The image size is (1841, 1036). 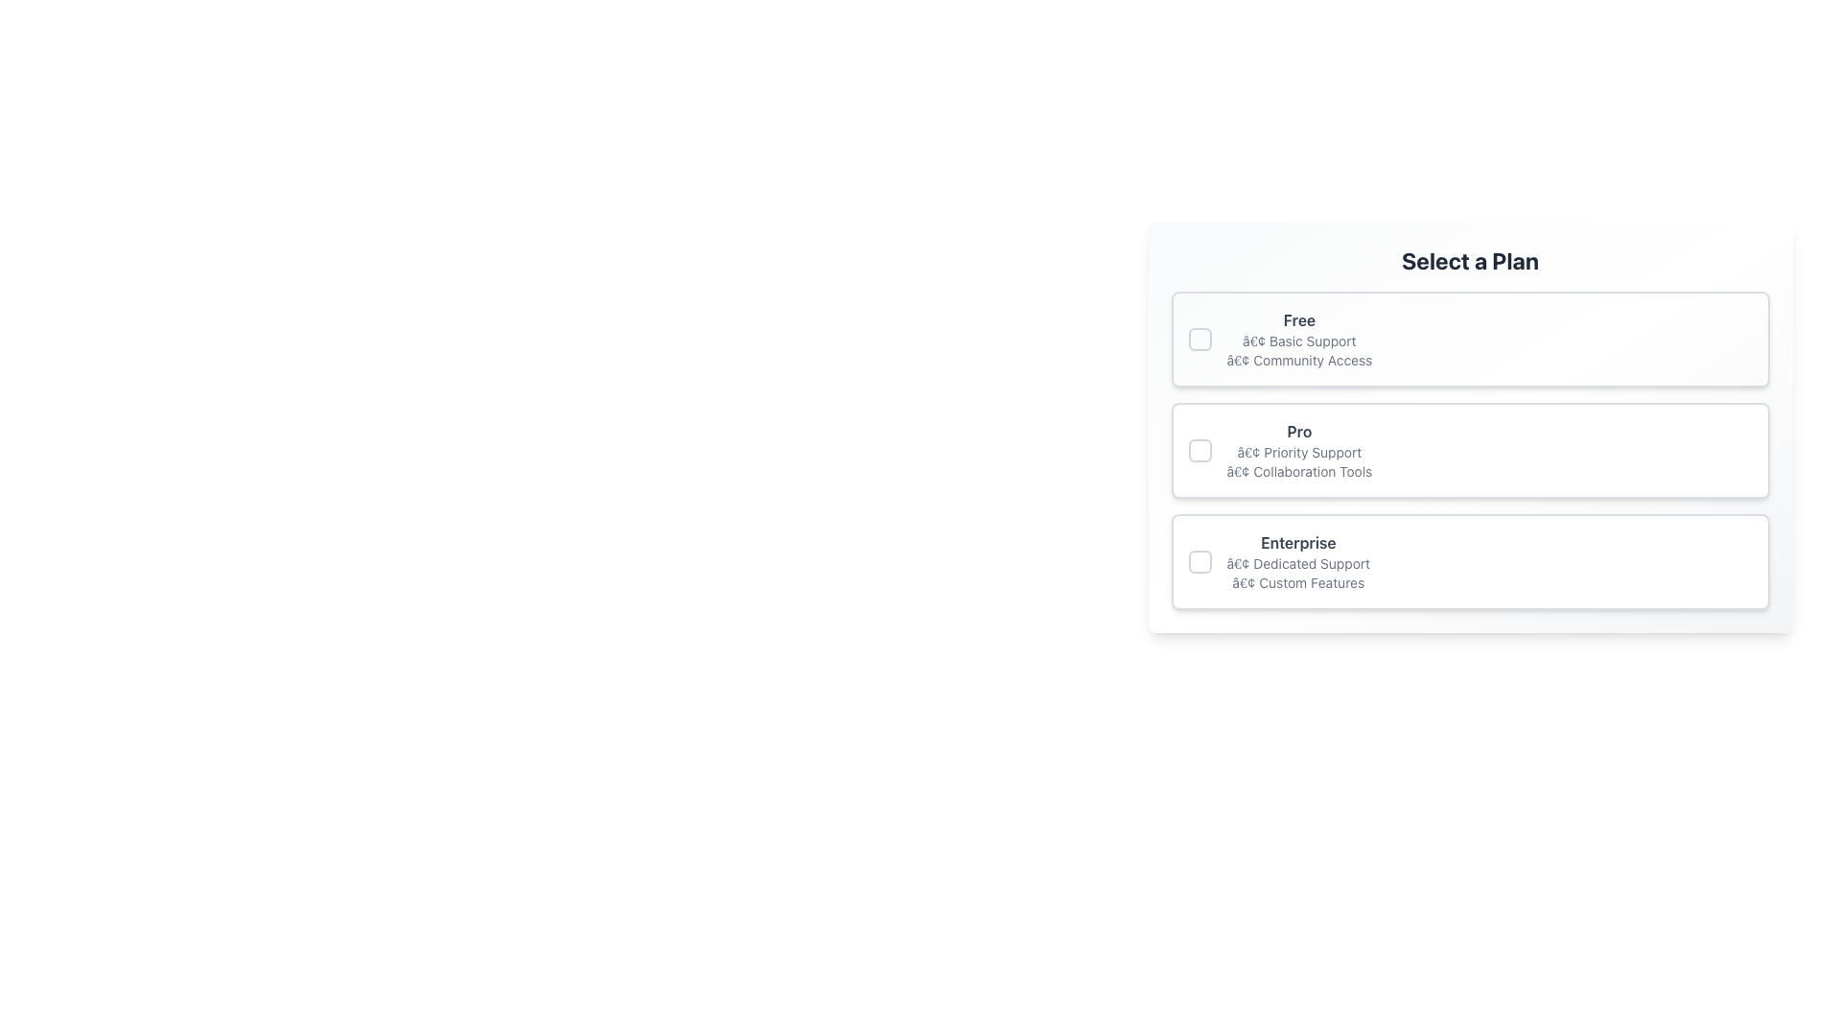 I want to click on the text block within the Pro subscription card that features a bold heading 'Pro' and bullet points 'Priority Support' and 'Collaboration Tools', so click(x=1299, y=451).